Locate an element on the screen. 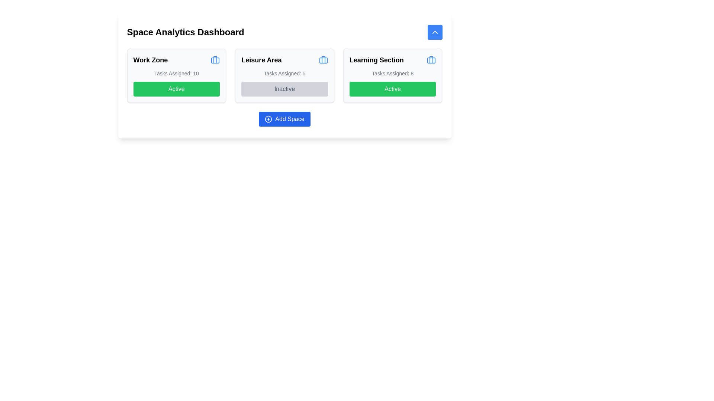 This screenshot has width=714, height=401. the briefcase icon located in the top-right corner of the 'Leisure Area' card, which provides additional functionality related to this section is located at coordinates (323, 60).